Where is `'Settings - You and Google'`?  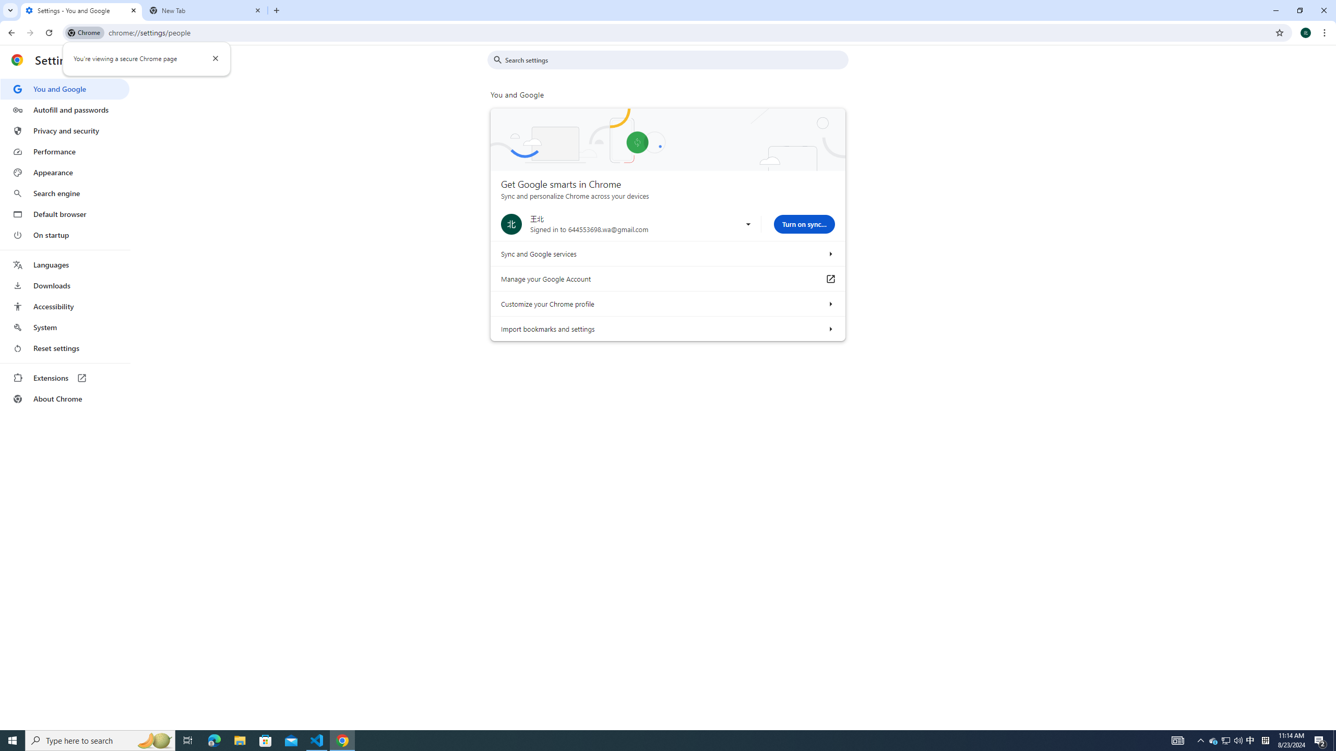
'Settings - You and Google' is located at coordinates (81, 10).